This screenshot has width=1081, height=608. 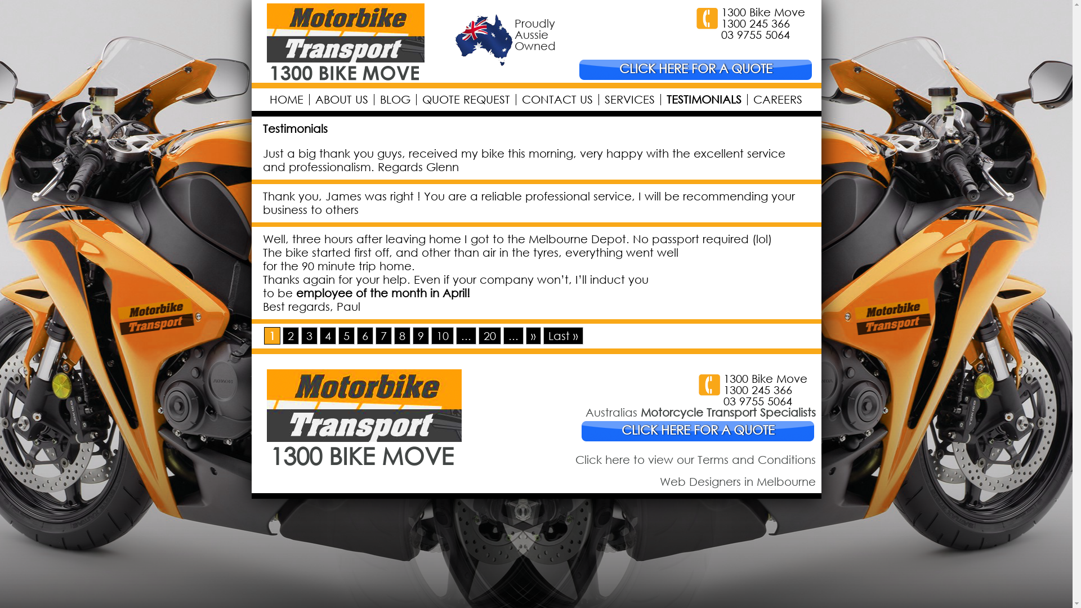 I want to click on 'CONTACT US', so click(x=557, y=99).